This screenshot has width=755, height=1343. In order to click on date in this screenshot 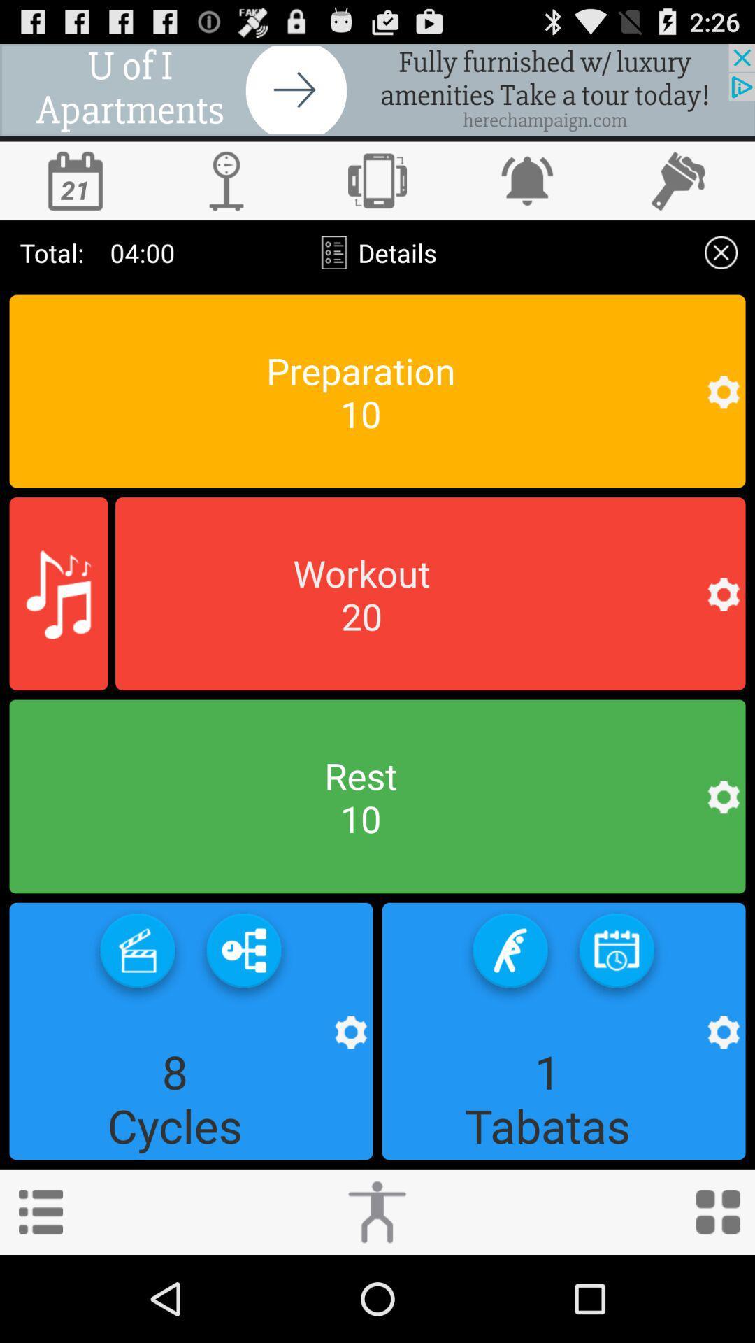, I will do `click(75, 180)`.